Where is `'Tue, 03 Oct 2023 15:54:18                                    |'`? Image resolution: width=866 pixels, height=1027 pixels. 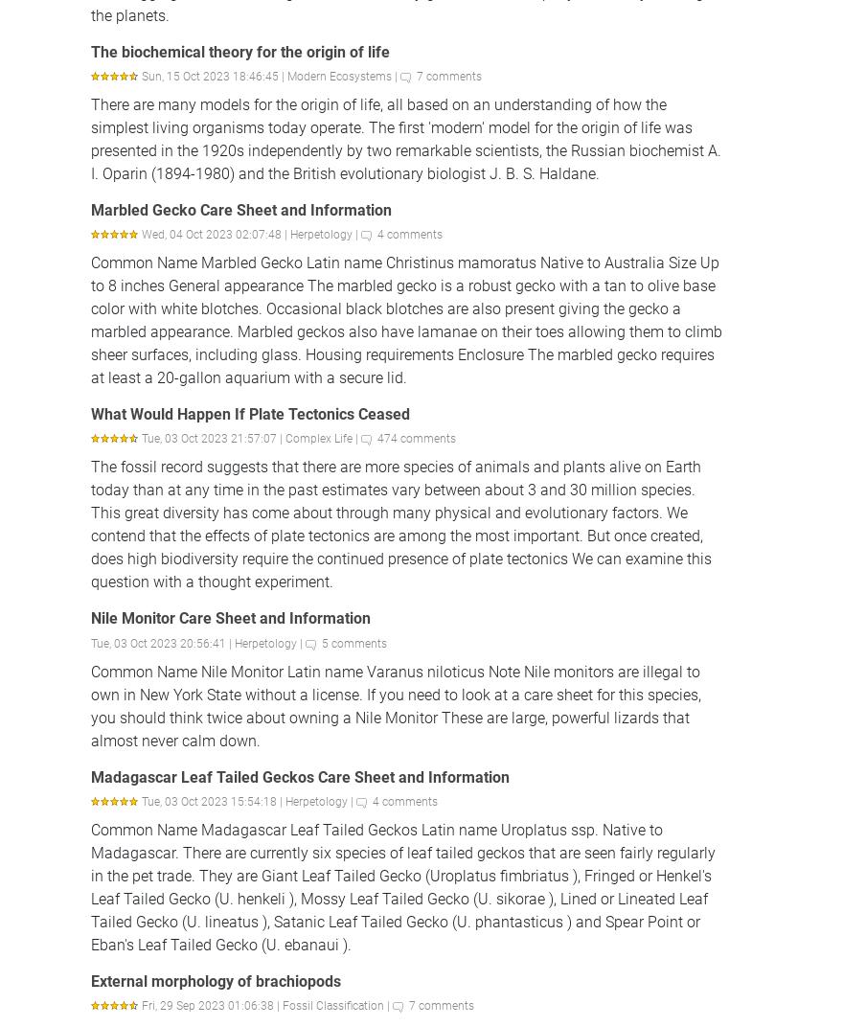 'Tue, 03 Oct 2023 15:54:18                                    |' is located at coordinates (214, 800).